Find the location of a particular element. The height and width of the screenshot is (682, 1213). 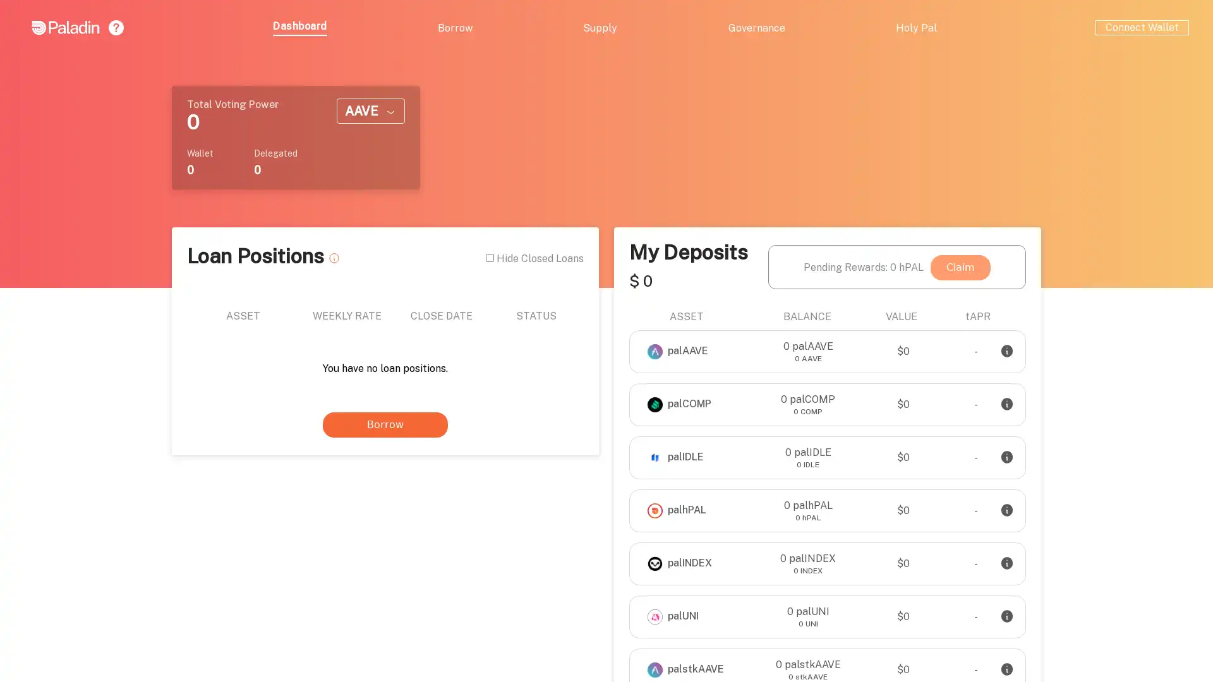

Borrow is located at coordinates (384, 424).